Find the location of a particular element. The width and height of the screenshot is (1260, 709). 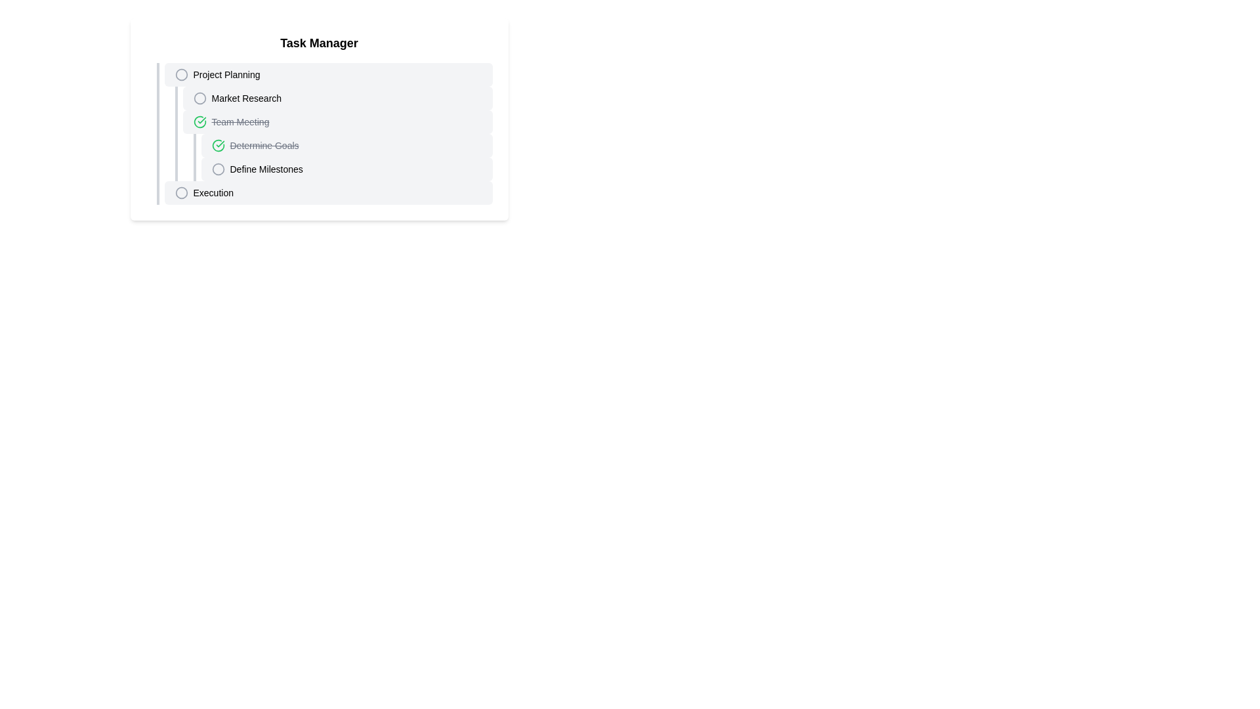

the status of the tasks 'Determine Goals' and 'Define Milestones' in the List item group with status indicators located under the 'Team Meeting' section is located at coordinates (337, 156).